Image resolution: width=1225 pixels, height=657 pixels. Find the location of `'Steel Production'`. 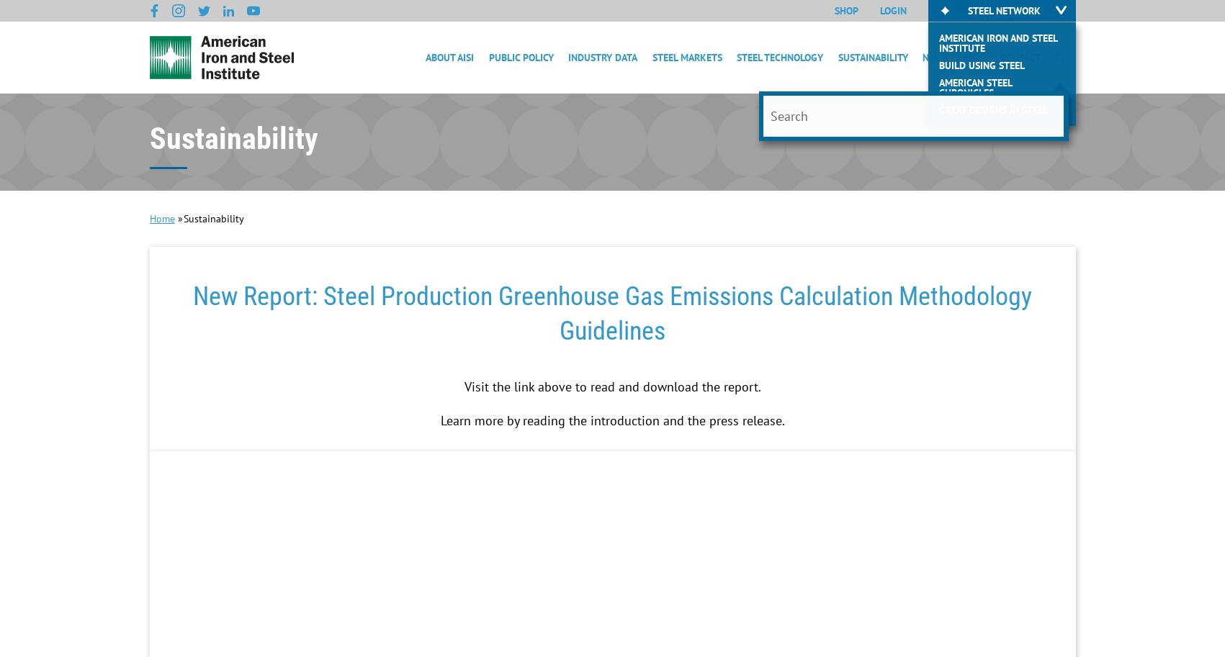

'Steel Production' is located at coordinates (736, 120).